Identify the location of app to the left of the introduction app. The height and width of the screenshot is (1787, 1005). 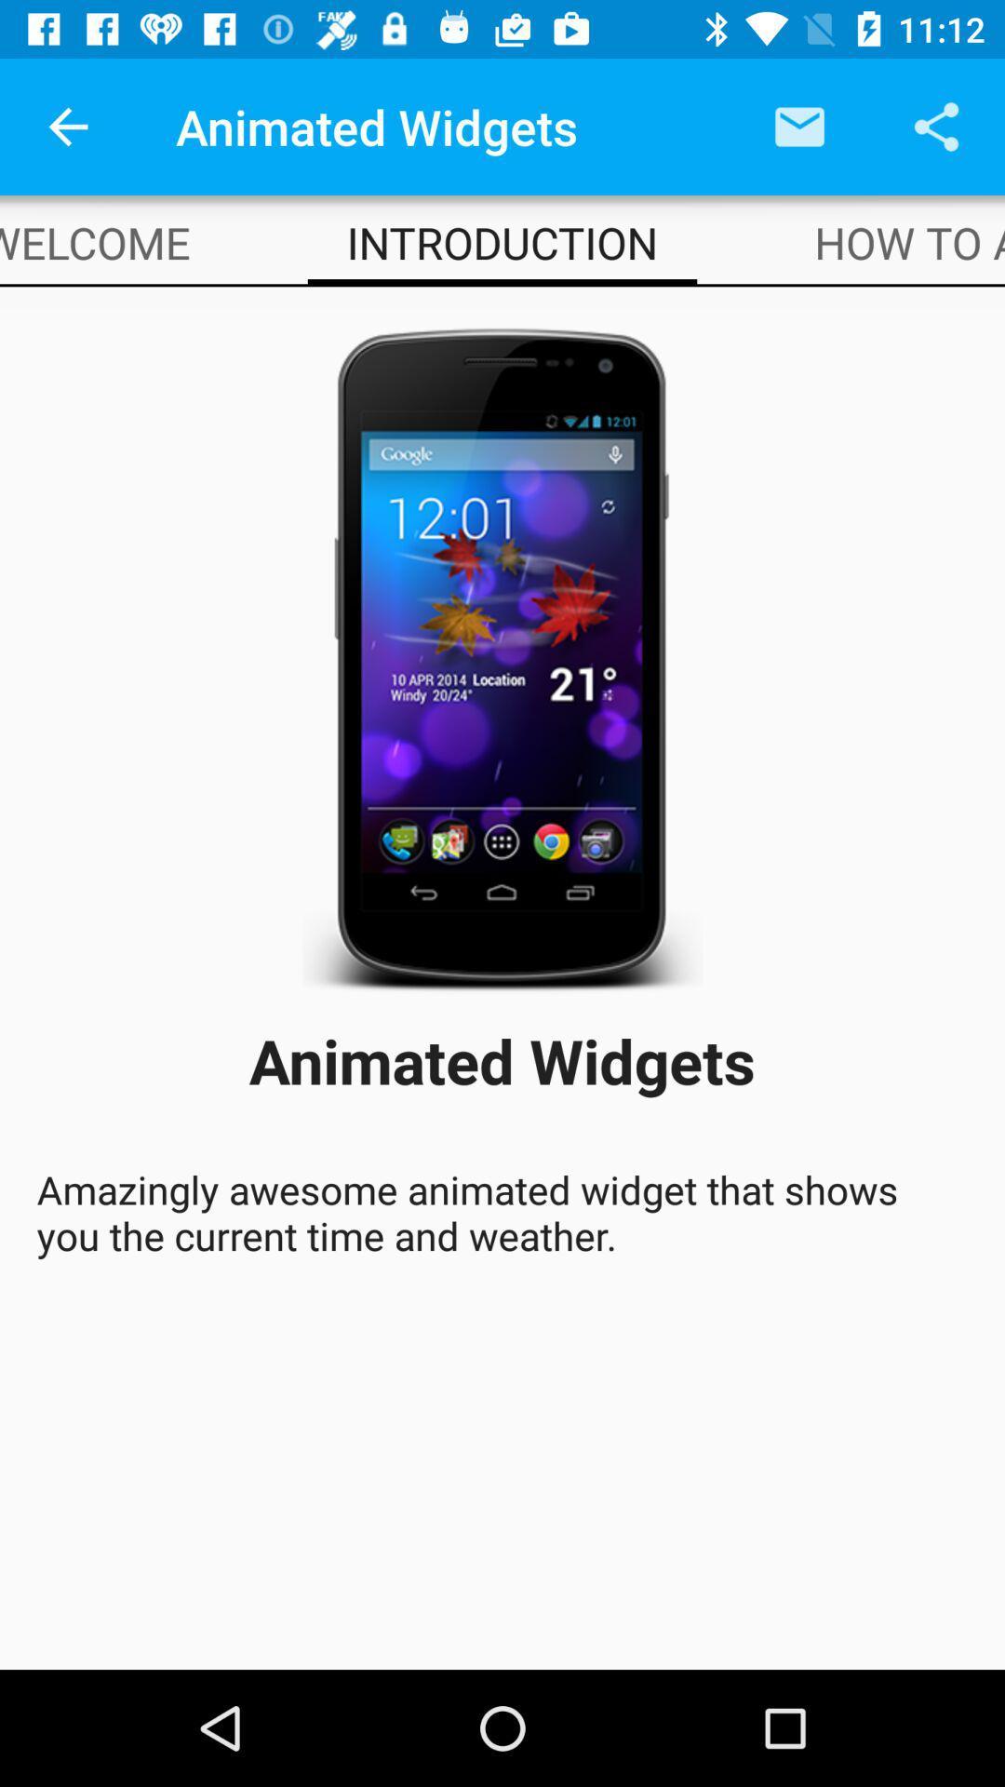
(95, 241).